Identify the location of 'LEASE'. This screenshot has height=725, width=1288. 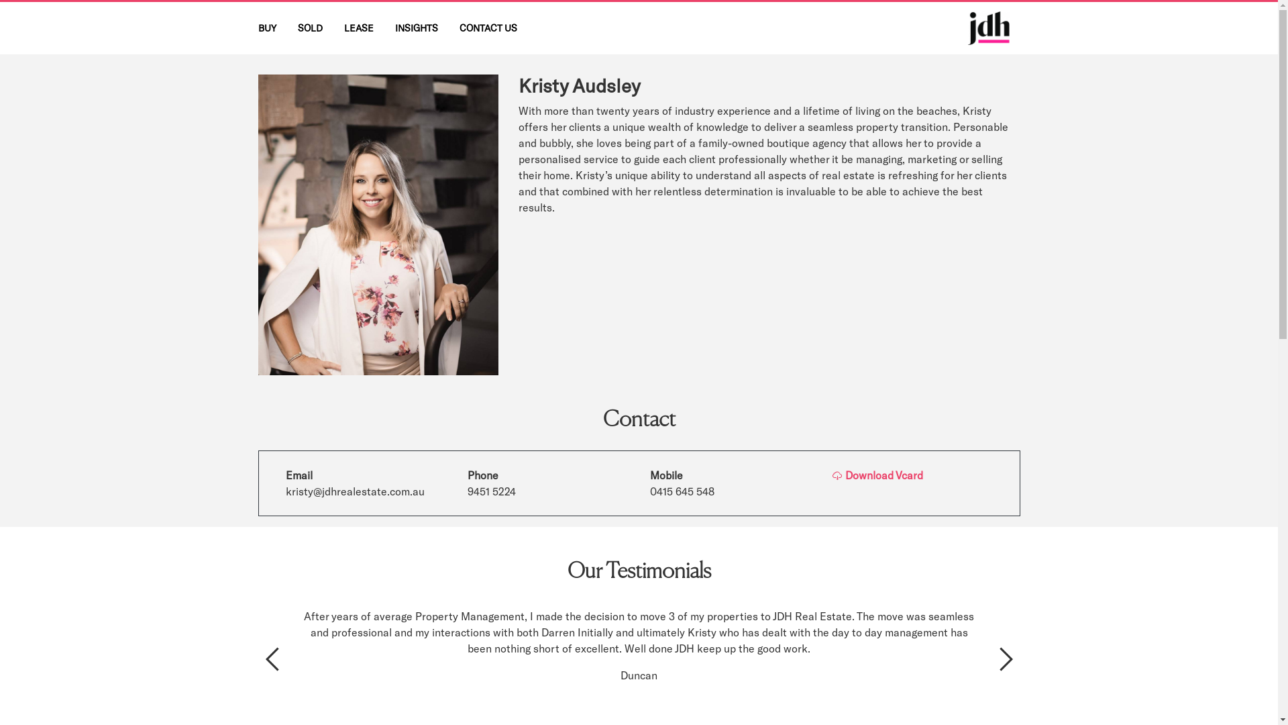
(358, 28).